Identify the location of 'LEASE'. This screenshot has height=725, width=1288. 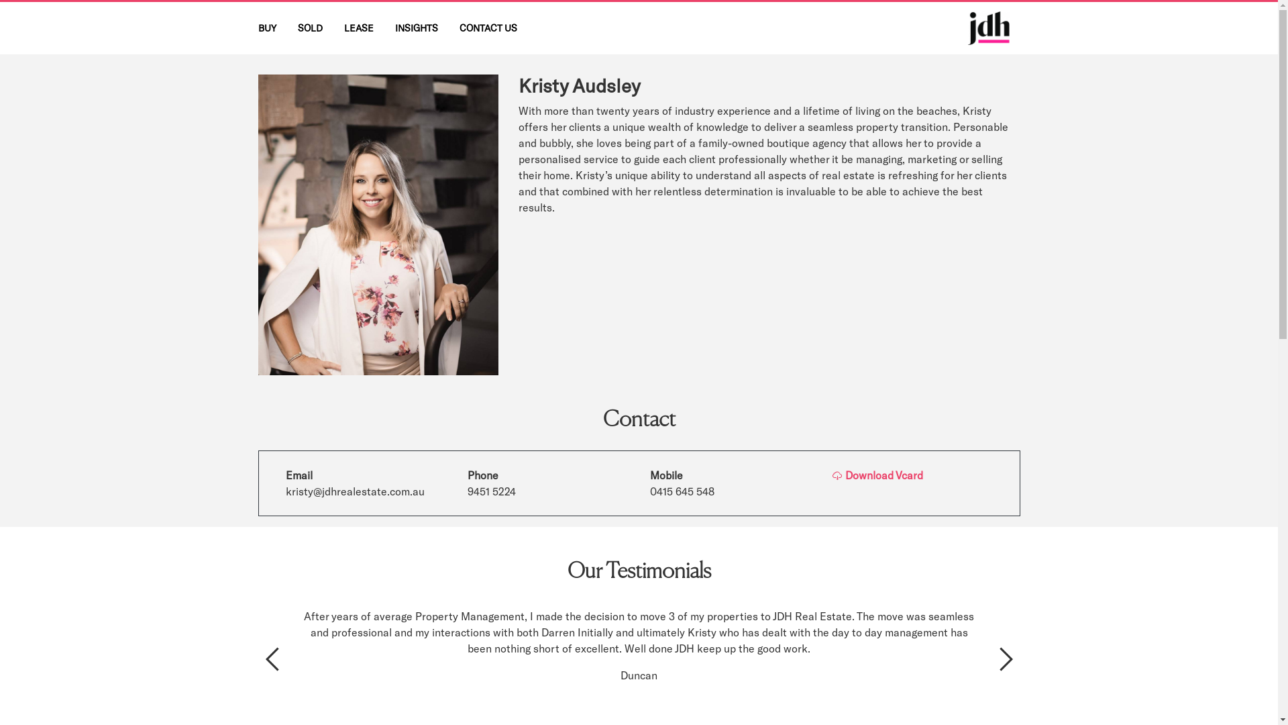
(358, 28).